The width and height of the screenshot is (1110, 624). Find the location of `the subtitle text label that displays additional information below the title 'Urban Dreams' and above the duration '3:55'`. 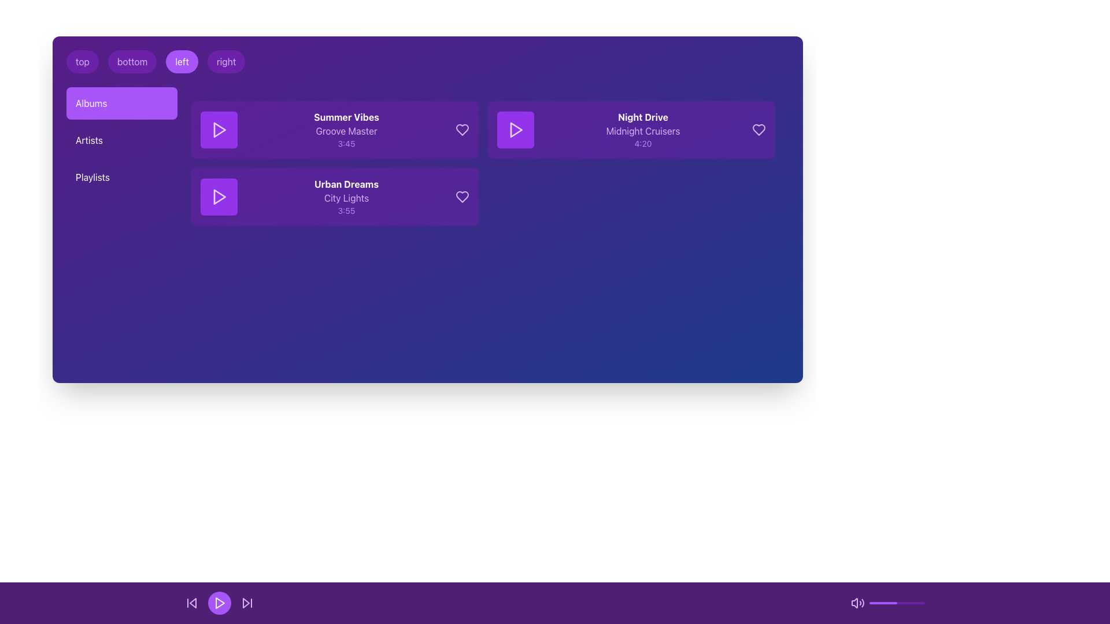

the subtitle text label that displays additional information below the title 'Urban Dreams' and above the duration '3:55' is located at coordinates (346, 198).